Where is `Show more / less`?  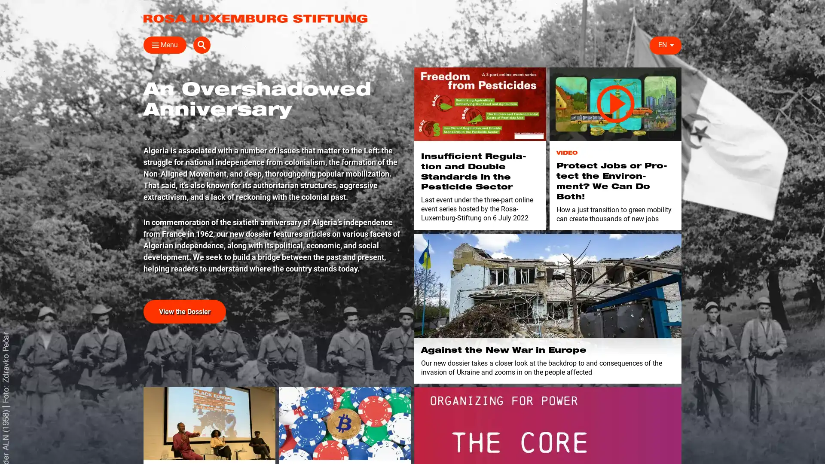
Show more / less is located at coordinates (140, 210).